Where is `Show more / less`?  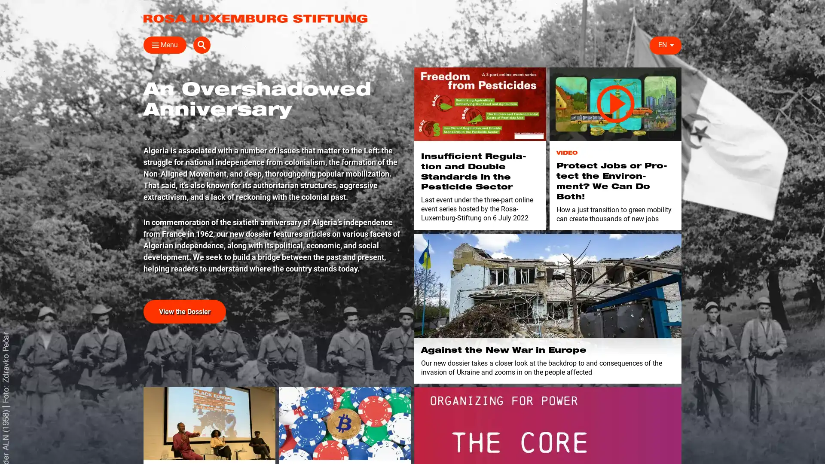
Show more / less is located at coordinates (140, 210).